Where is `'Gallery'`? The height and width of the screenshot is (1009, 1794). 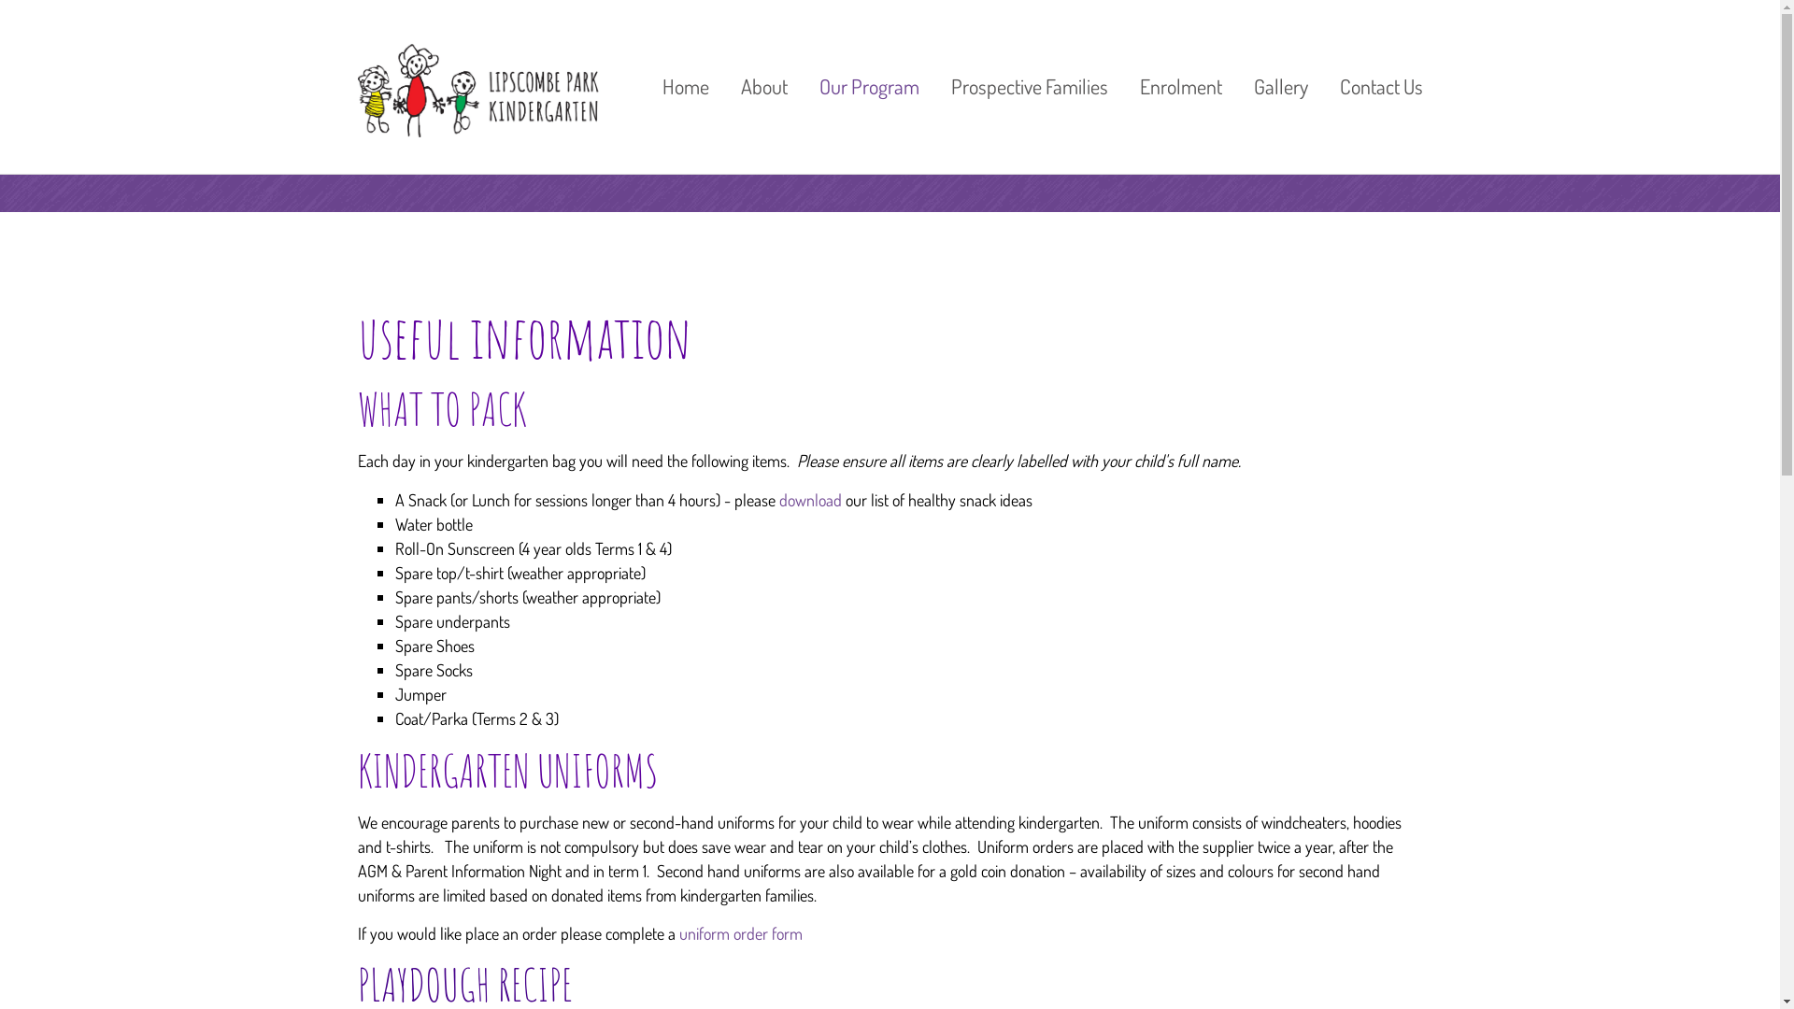
'Gallery' is located at coordinates (1278, 86).